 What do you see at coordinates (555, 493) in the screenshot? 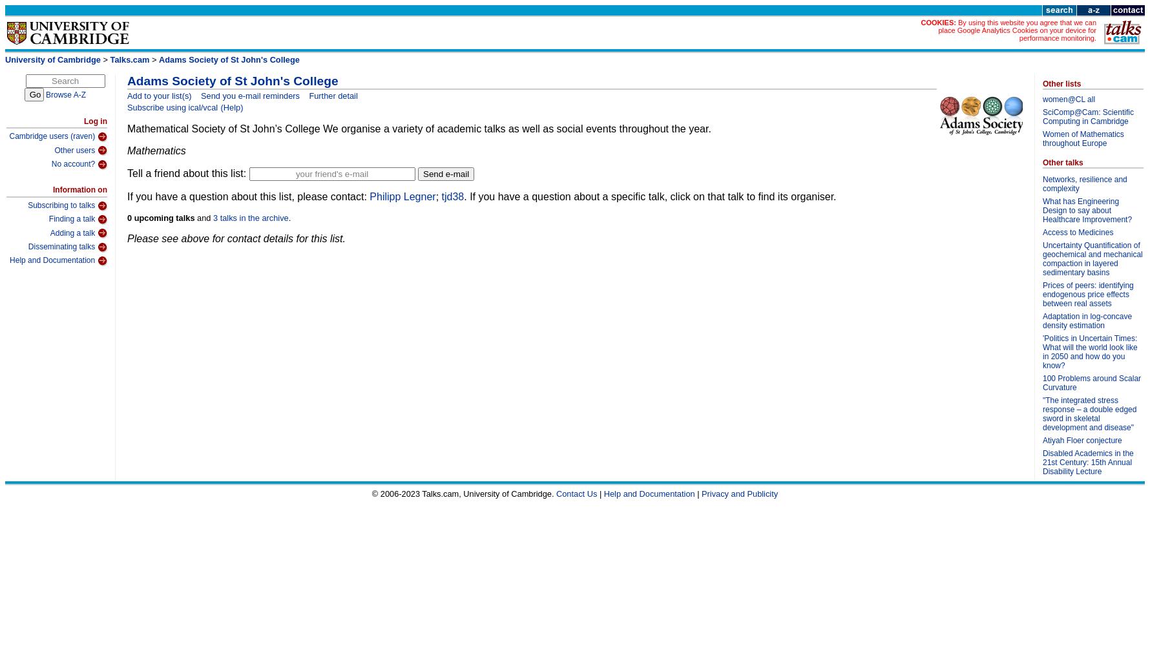
I see `'Contact Us'` at bounding box center [555, 493].